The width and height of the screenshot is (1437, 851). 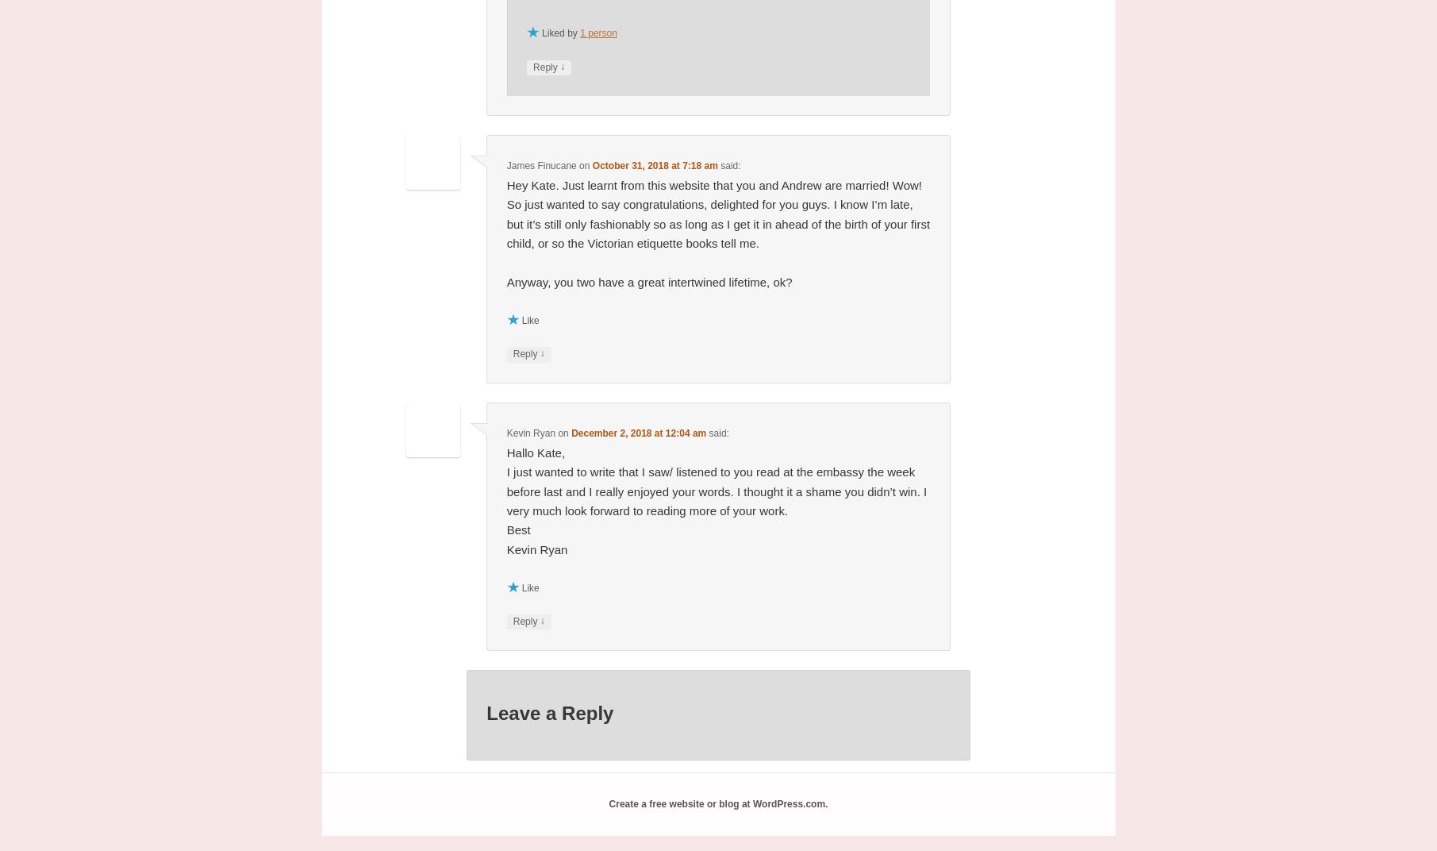 What do you see at coordinates (506, 529) in the screenshot?
I see `'Best'` at bounding box center [506, 529].